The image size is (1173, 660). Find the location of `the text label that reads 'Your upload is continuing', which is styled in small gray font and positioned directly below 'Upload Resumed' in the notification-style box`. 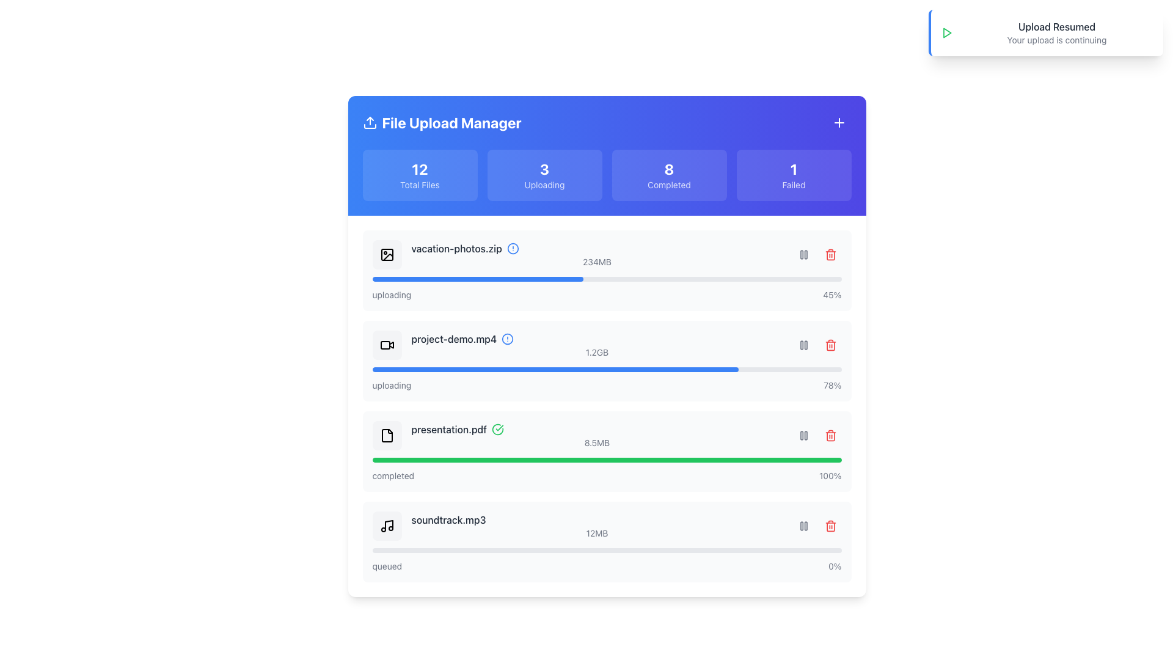

the text label that reads 'Your upload is continuing', which is styled in small gray font and positioned directly below 'Upload Resumed' in the notification-style box is located at coordinates (1056, 39).